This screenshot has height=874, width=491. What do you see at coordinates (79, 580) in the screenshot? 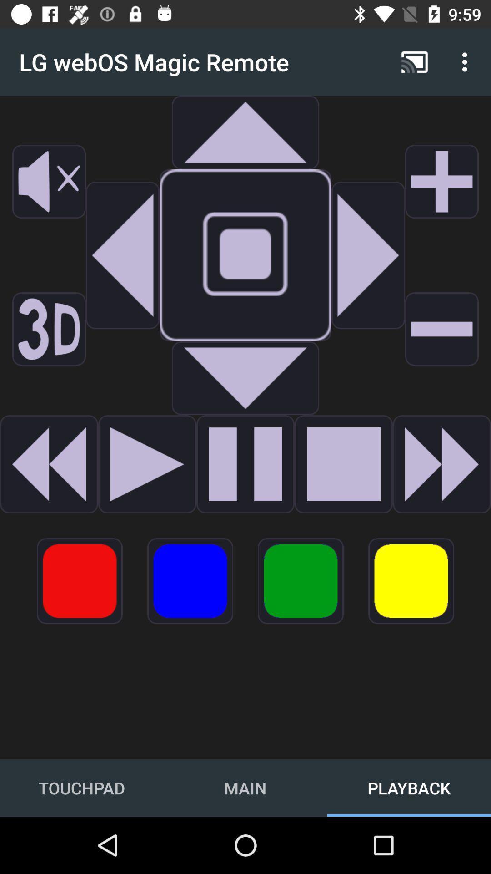
I see `go do coular` at bounding box center [79, 580].